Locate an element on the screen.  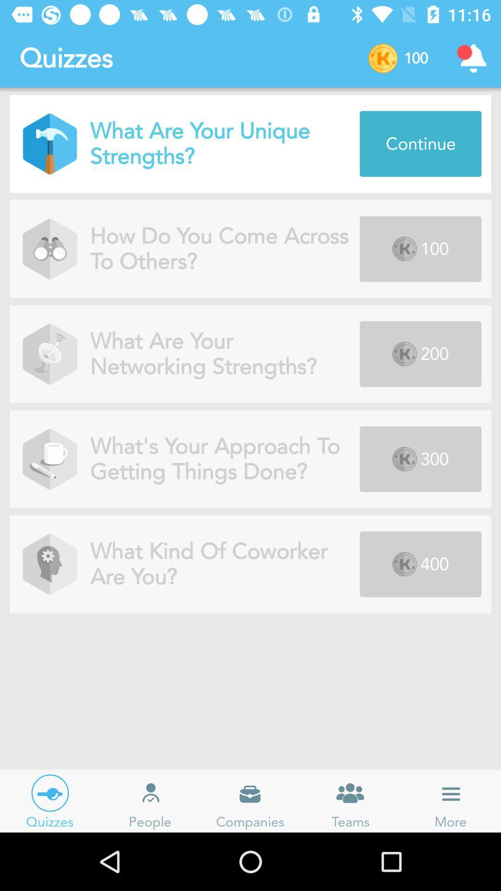
move to the third label below quizzes on the left side of the page is located at coordinates (50, 354).